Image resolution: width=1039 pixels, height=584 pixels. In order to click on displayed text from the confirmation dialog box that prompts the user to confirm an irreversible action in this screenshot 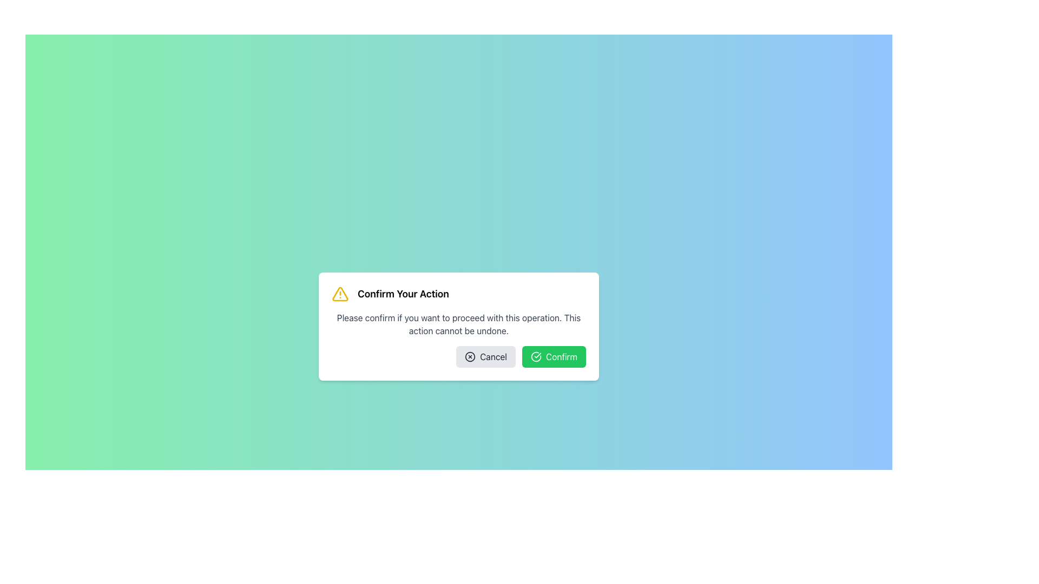, I will do `click(459, 326)`.